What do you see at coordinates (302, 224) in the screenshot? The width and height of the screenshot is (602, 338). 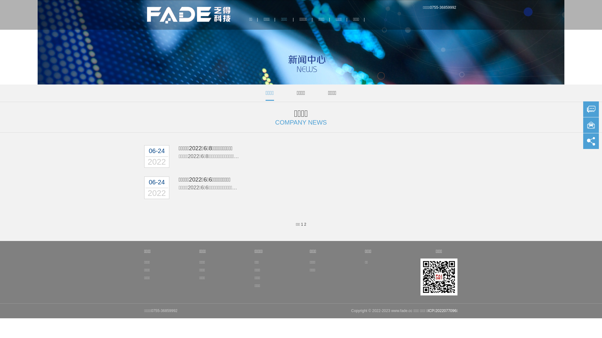 I see `'1'` at bounding box center [302, 224].